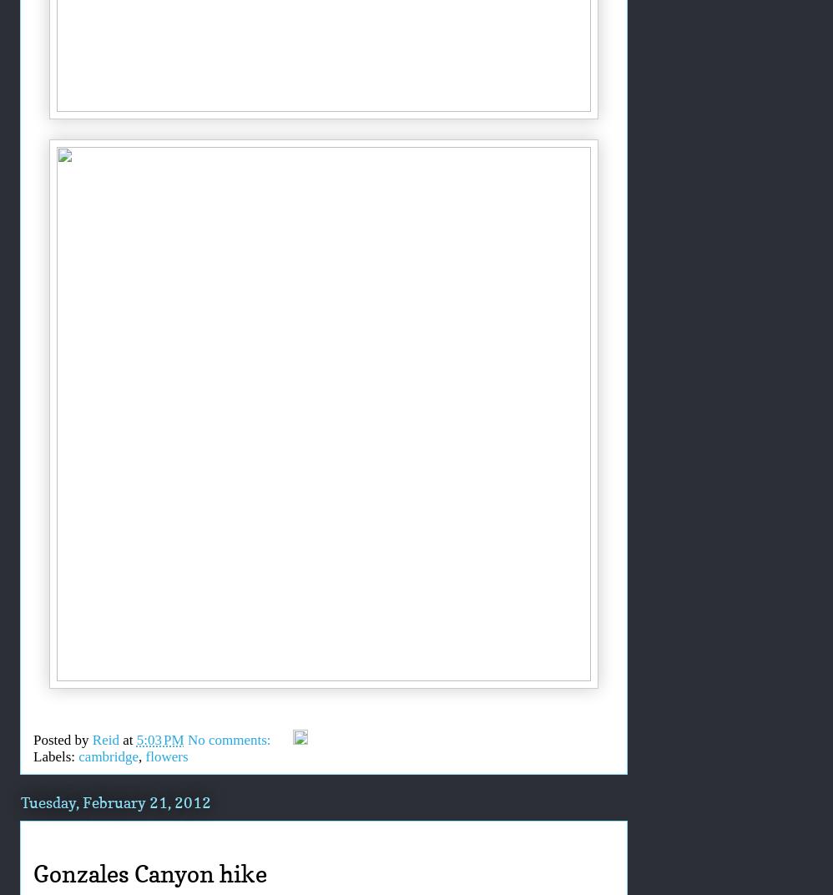 This screenshot has width=833, height=895. Describe the element at coordinates (230, 740) in the screenshot. I see `'No comments:'` at that location.